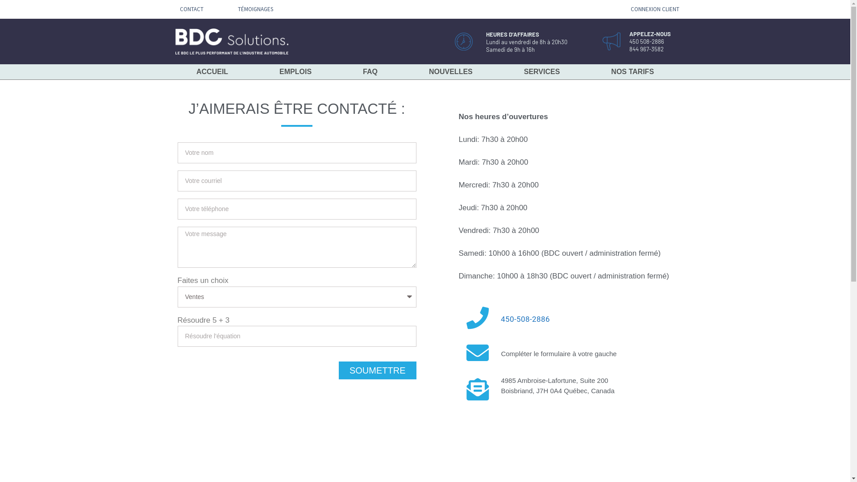  I want to click on 'EMPLOIS', so click(254, 71).